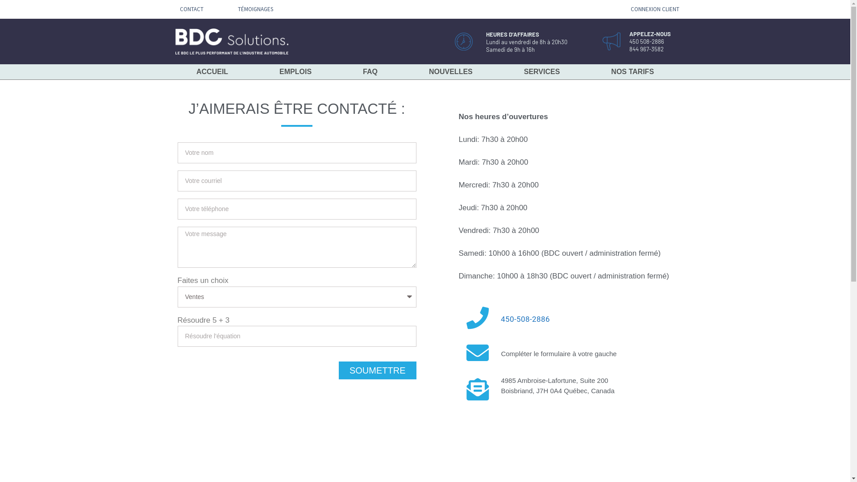  I want to click on 'EMPLOIS', so click(254, 71).